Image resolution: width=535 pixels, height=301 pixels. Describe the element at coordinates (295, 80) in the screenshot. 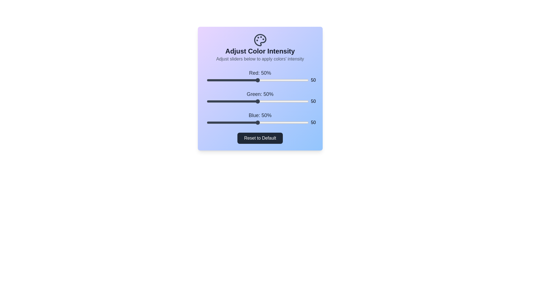

I see `the 0 slider to 87%` at that location.